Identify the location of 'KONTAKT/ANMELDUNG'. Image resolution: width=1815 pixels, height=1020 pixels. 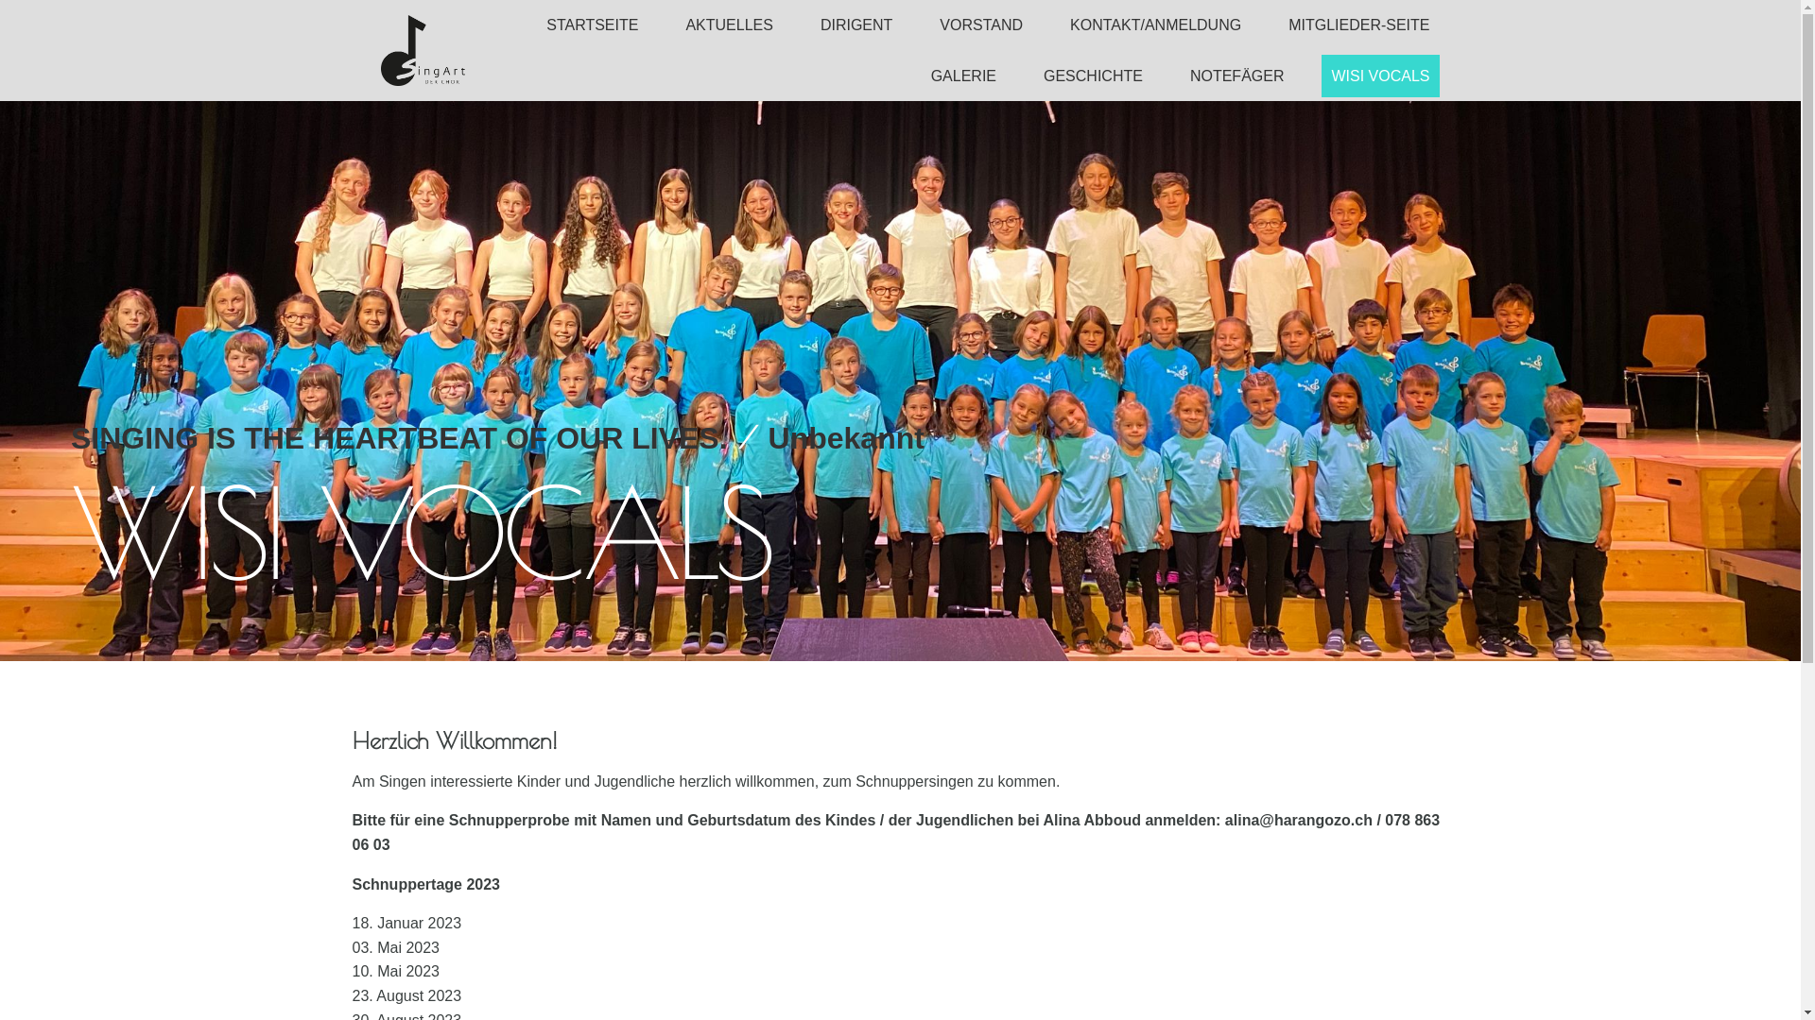
(1154, 25).